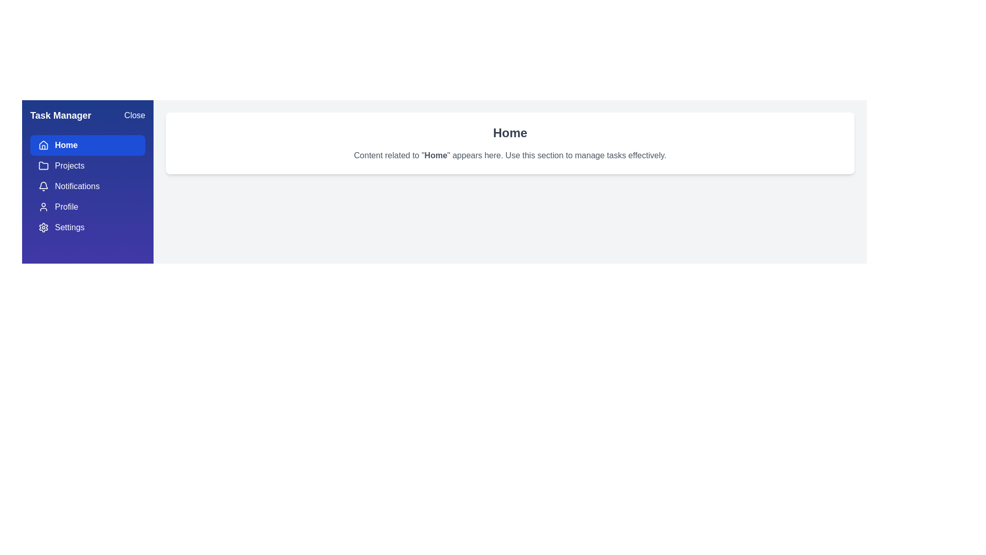 The image size is (986, 555). Describe the element at coordinates (88, 145) in the screenshot. I see `the menu item Home to view its content` at that location.